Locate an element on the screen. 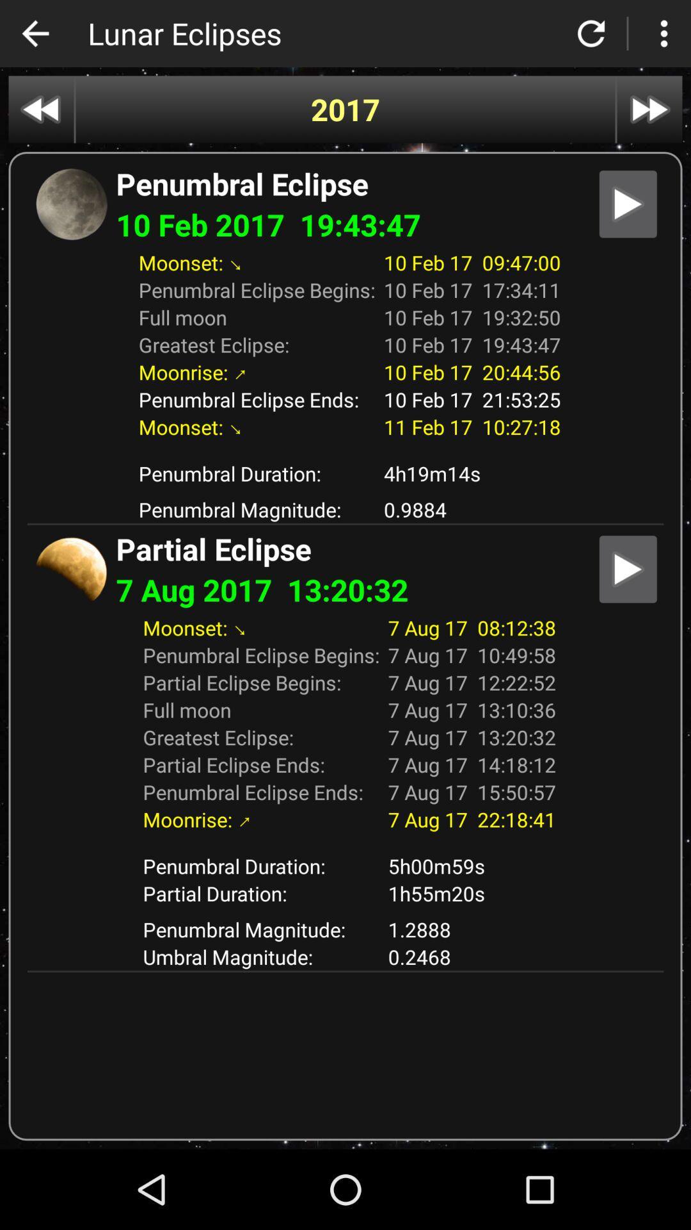 This screenshot has height=1230, width=691. the av_forward icon is located at coordinates (649, 110).